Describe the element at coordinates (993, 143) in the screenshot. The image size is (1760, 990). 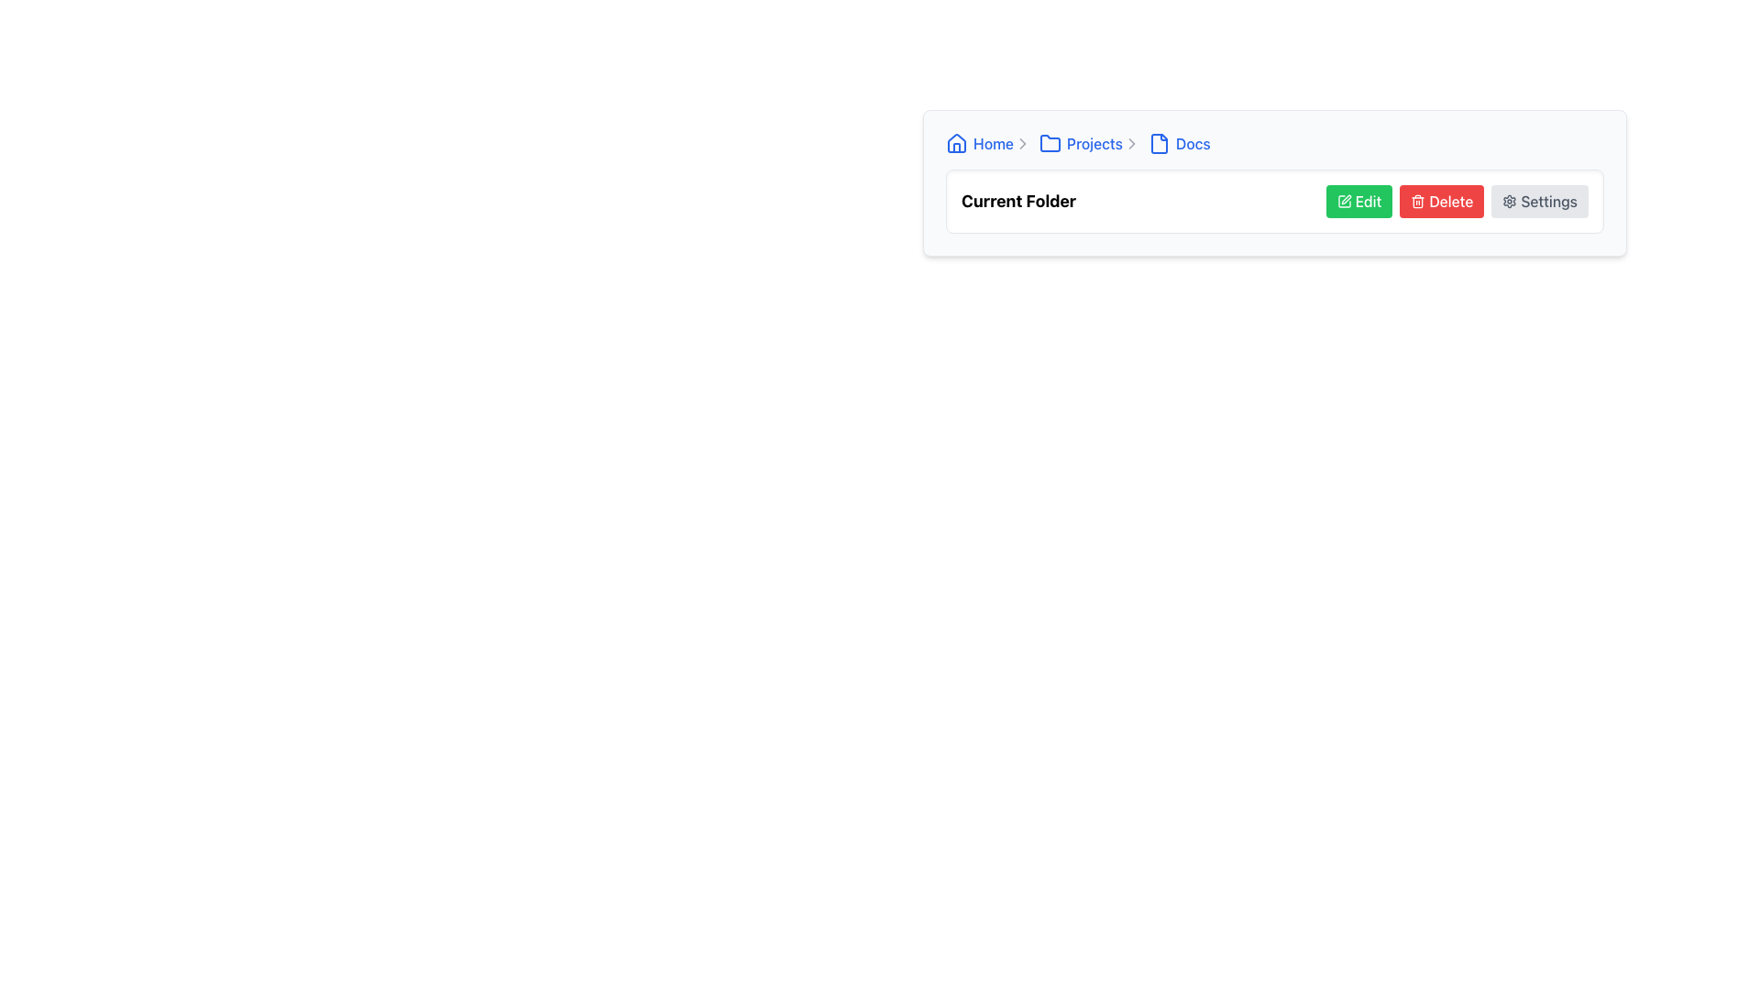
I see `text label 'Home' located in the breadcrumb navigation bar, styled in blue color to indicate interactivity` at that location.